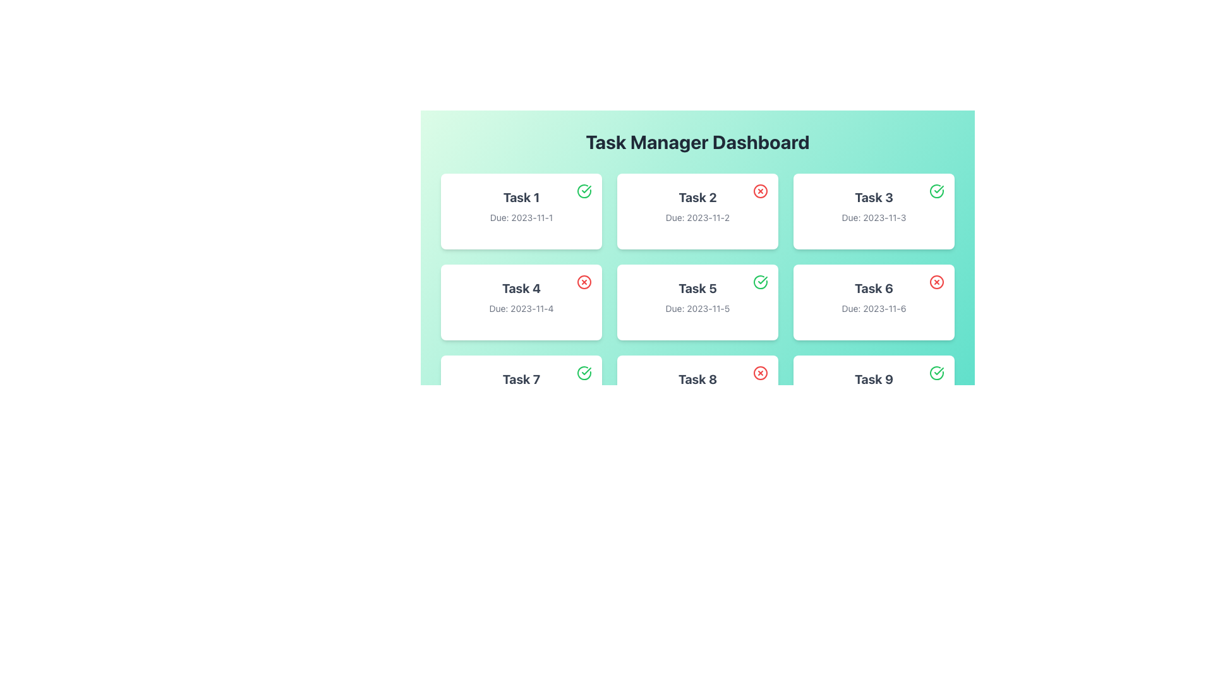 The image size is (1213, 682). Describe the element at coordinates (937, 282) in the screenshot. I see `the delete or close button located in the top-right corner of the 'Task 6' card` at that location.